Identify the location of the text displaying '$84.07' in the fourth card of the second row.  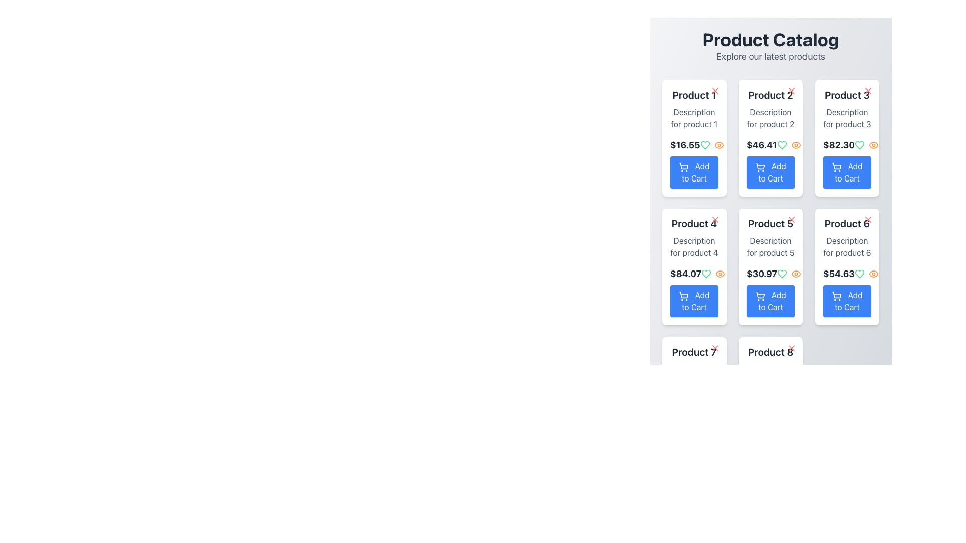
(685, 274).